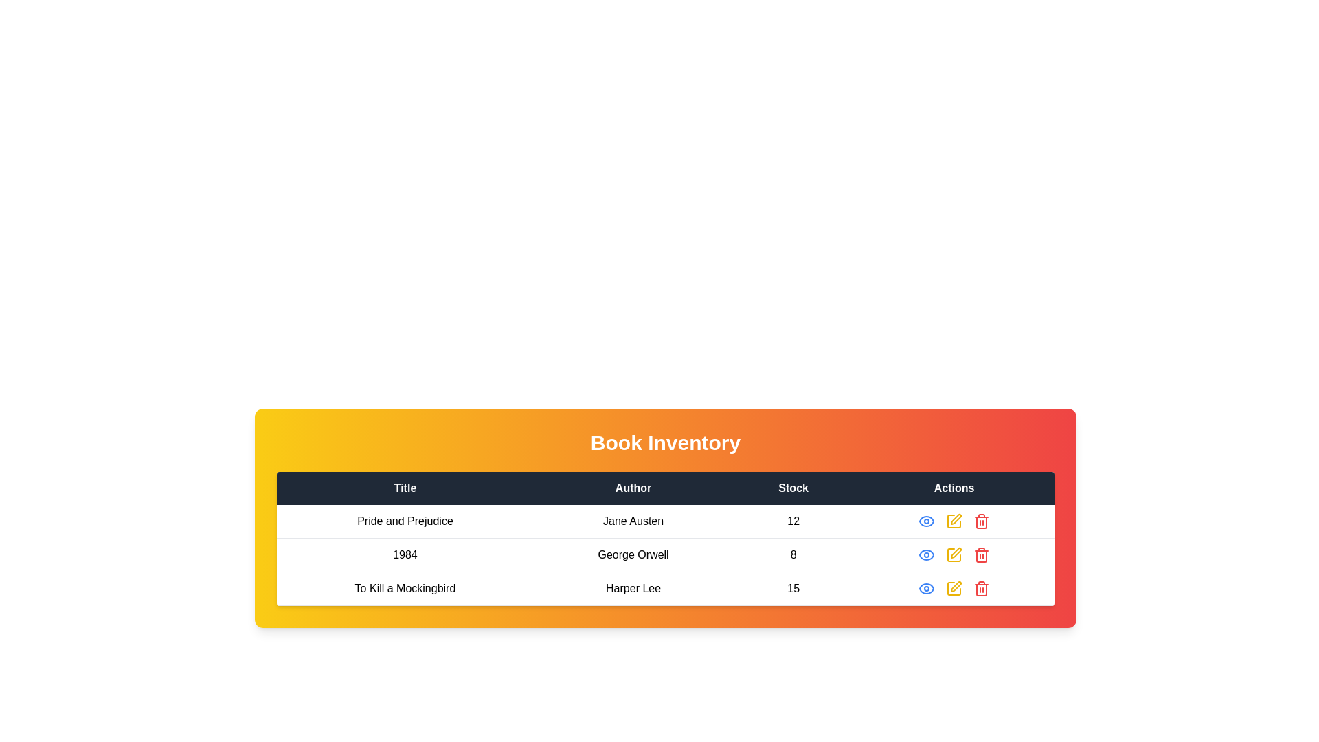  I want to click on the edit button in the Actions column for the book entry '1984' to initiate editing, so click(954, 554).